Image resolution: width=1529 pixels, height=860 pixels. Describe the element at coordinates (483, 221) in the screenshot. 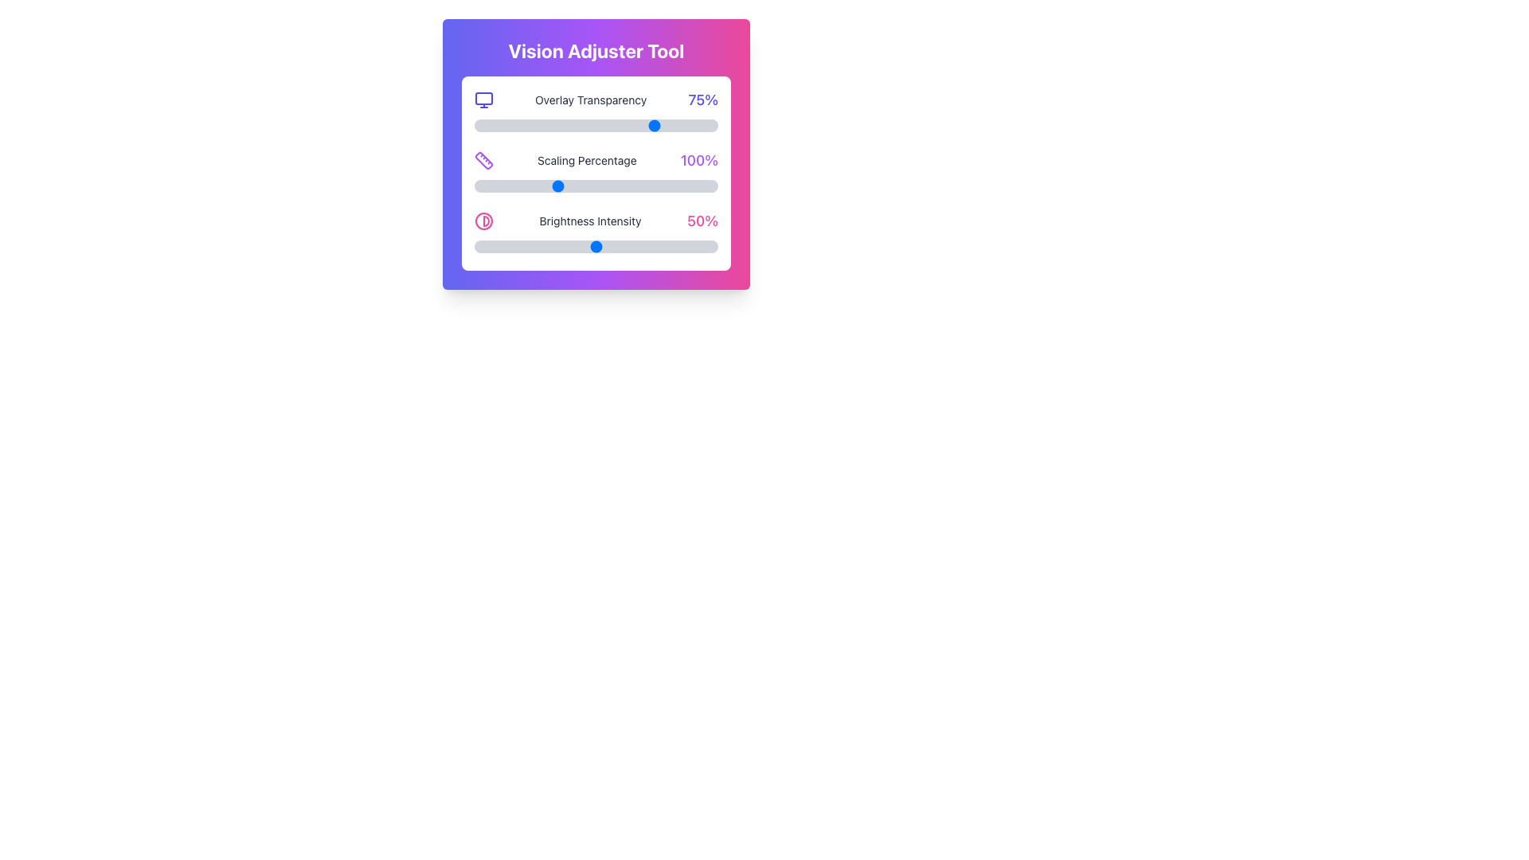

I see `the contrast adjustment icon located on the left side of the 'Brightness Intensity 50%' label` at that location.